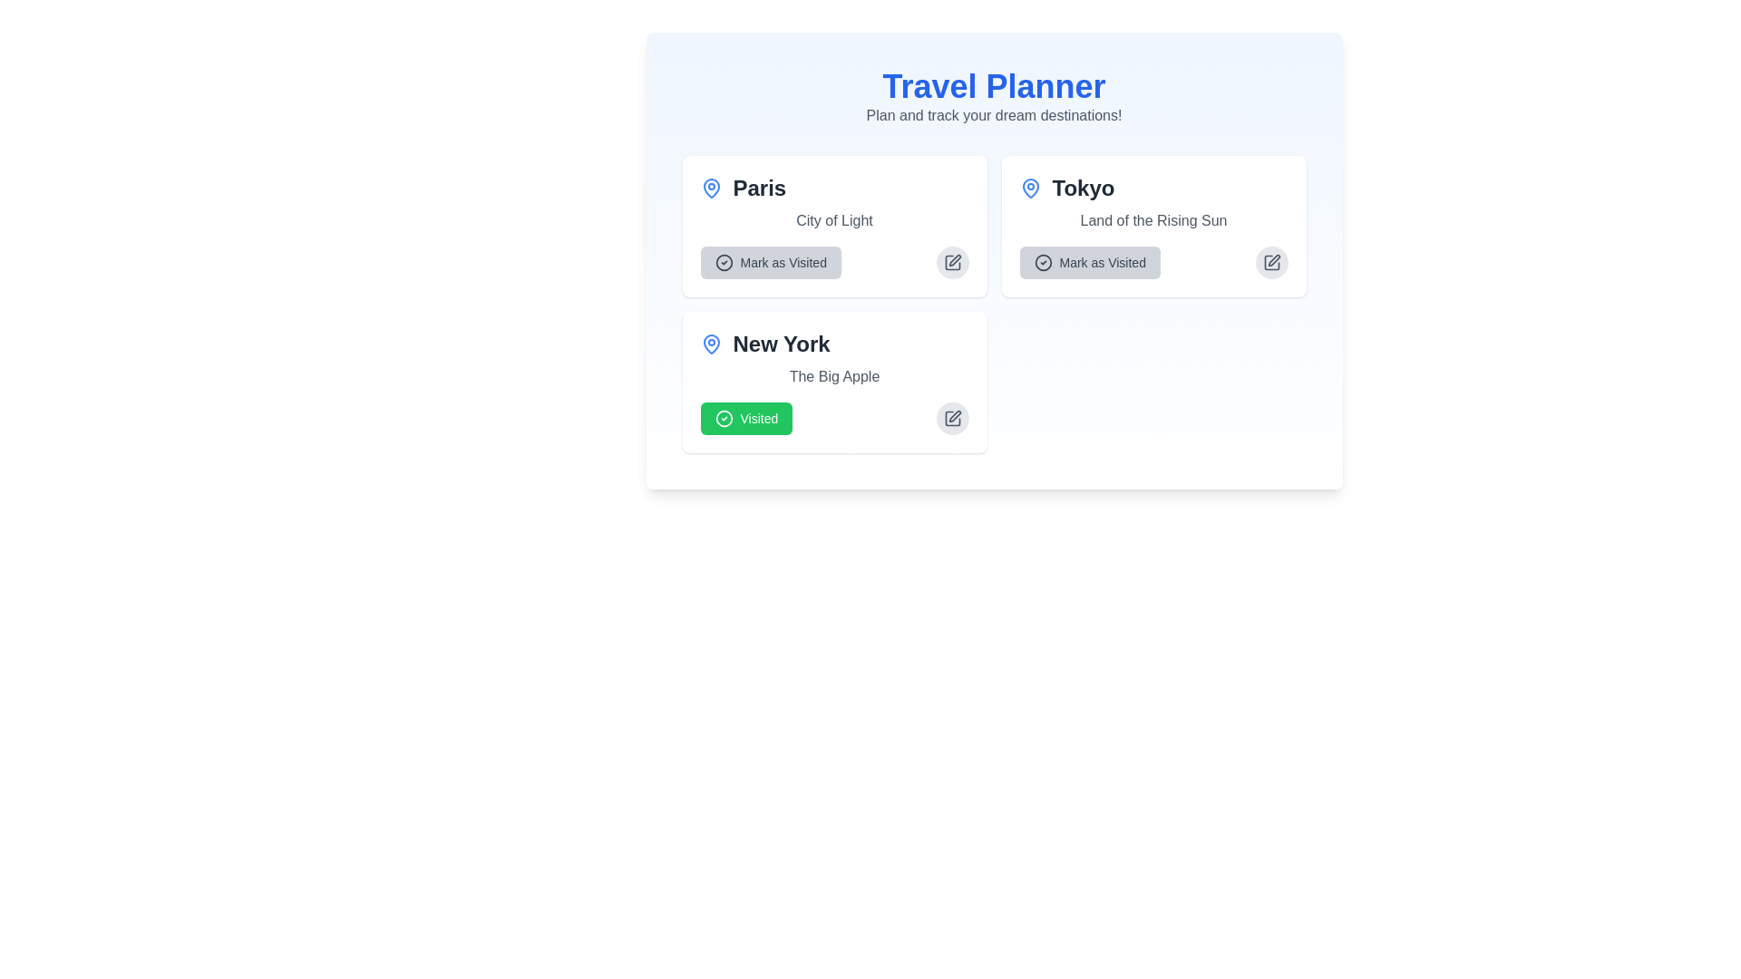 This screenshot has width=1741, height=979. What do you see at coordinates (953, 260) in the screenshot?
I see `the edit icon located within the square pen icon on the right side of the panel for the Paris destination, which is the first destination in the top left of the layout` at bounding box center [953, 260].